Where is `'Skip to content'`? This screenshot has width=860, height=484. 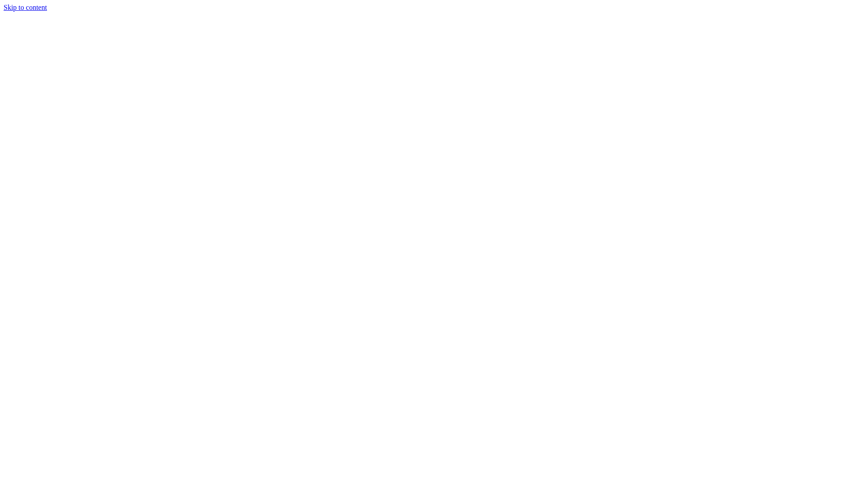 'Skip to content' is located at coordinates (25, 7).